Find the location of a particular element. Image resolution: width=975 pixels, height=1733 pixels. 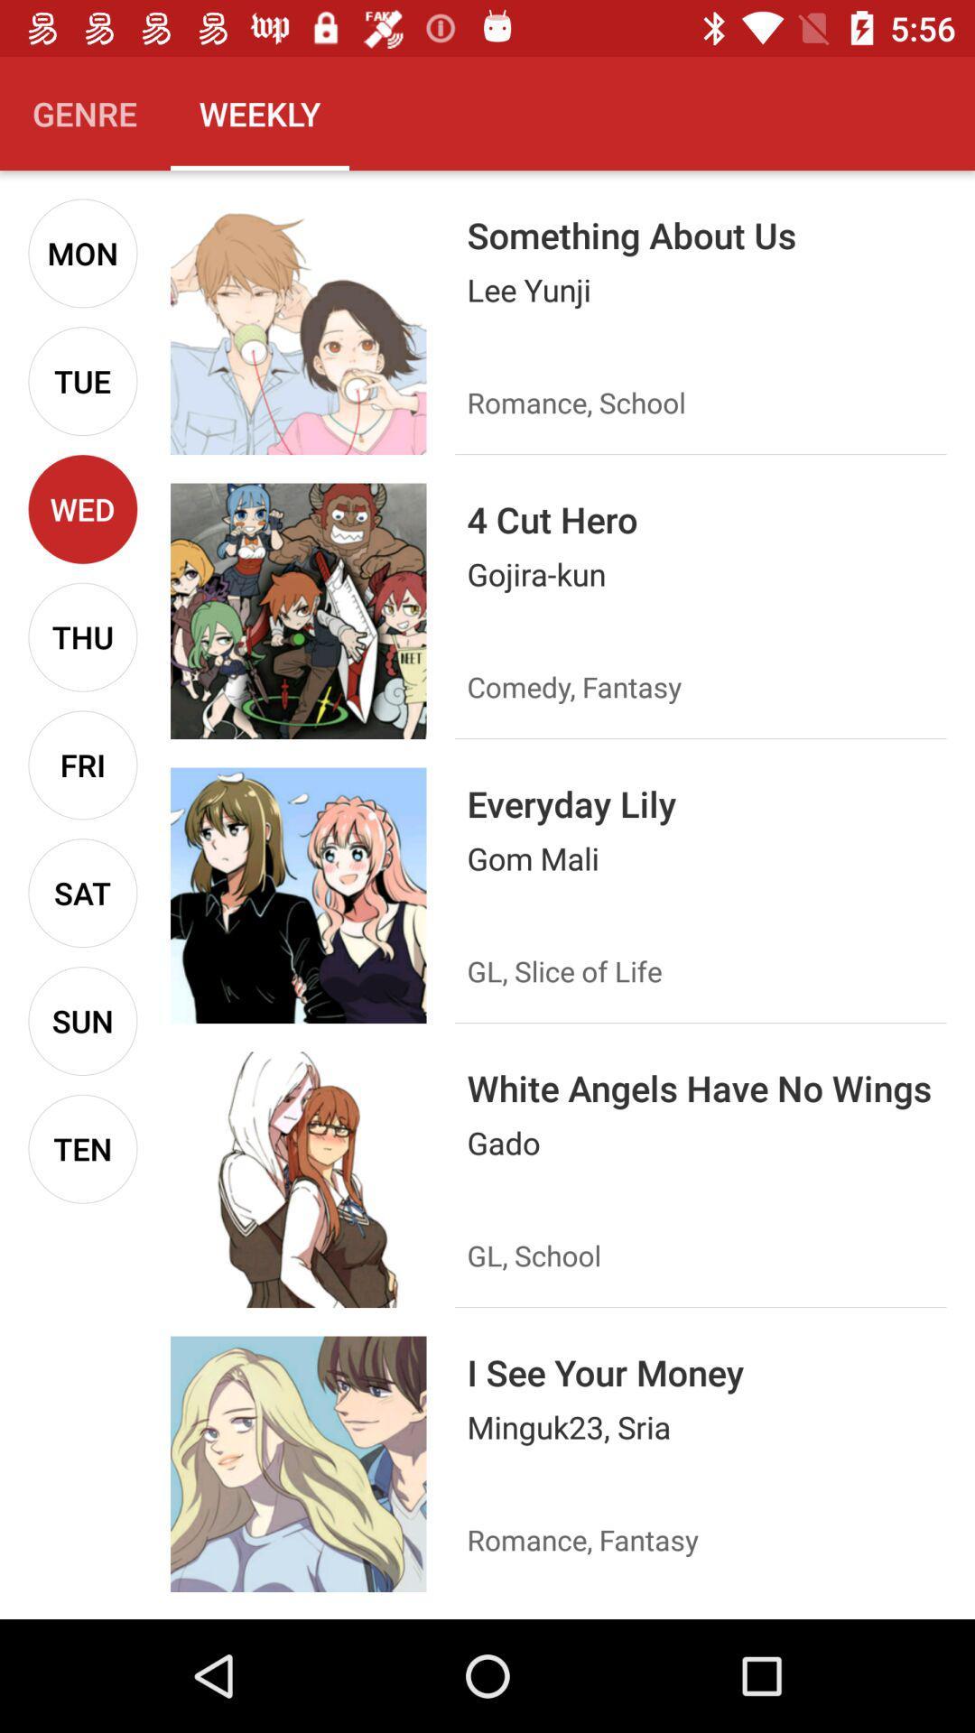

the icon below sat icon is located at coordinates (82, 1021).